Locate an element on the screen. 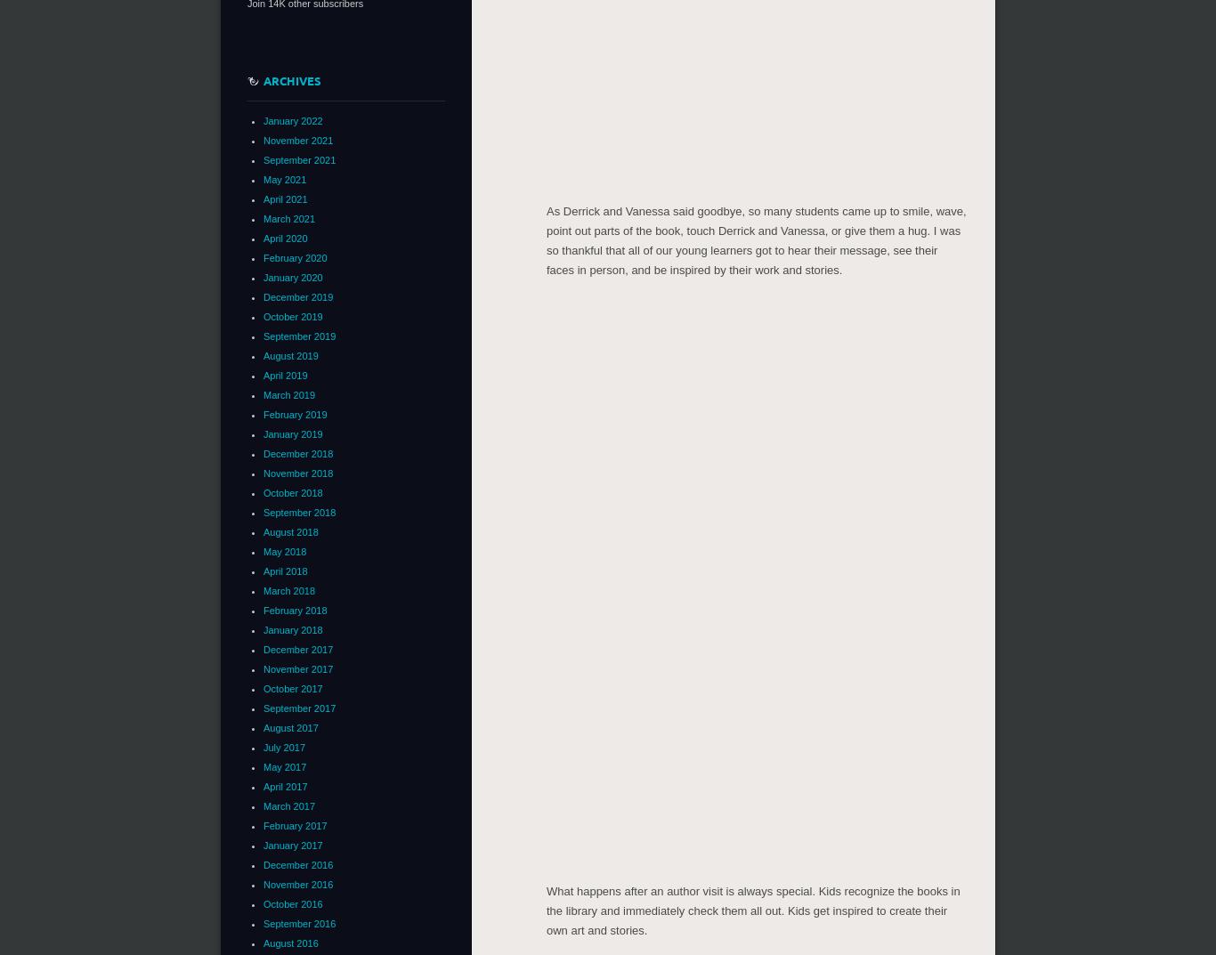 This screenshot has width=1216, height=955. 'February 2018' is located at coordinates (295, 610).